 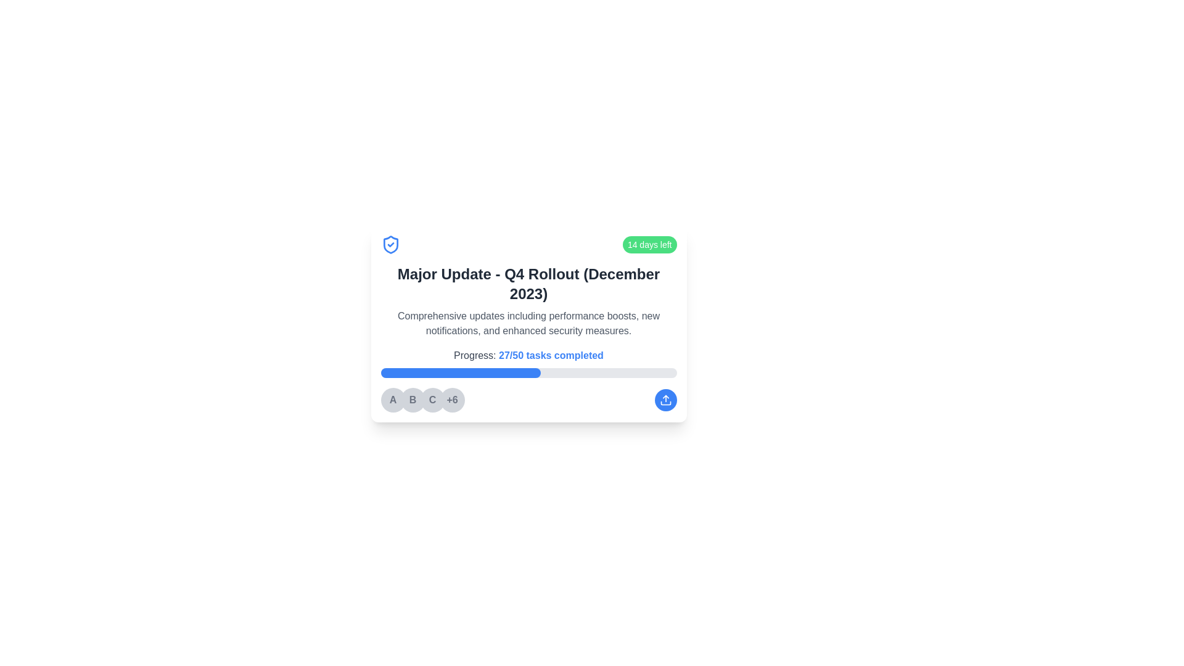 I want to click on the blue shield icon with a checkmark located at the top-left corner of the rectangular card interface, so click(x=390, y=245).